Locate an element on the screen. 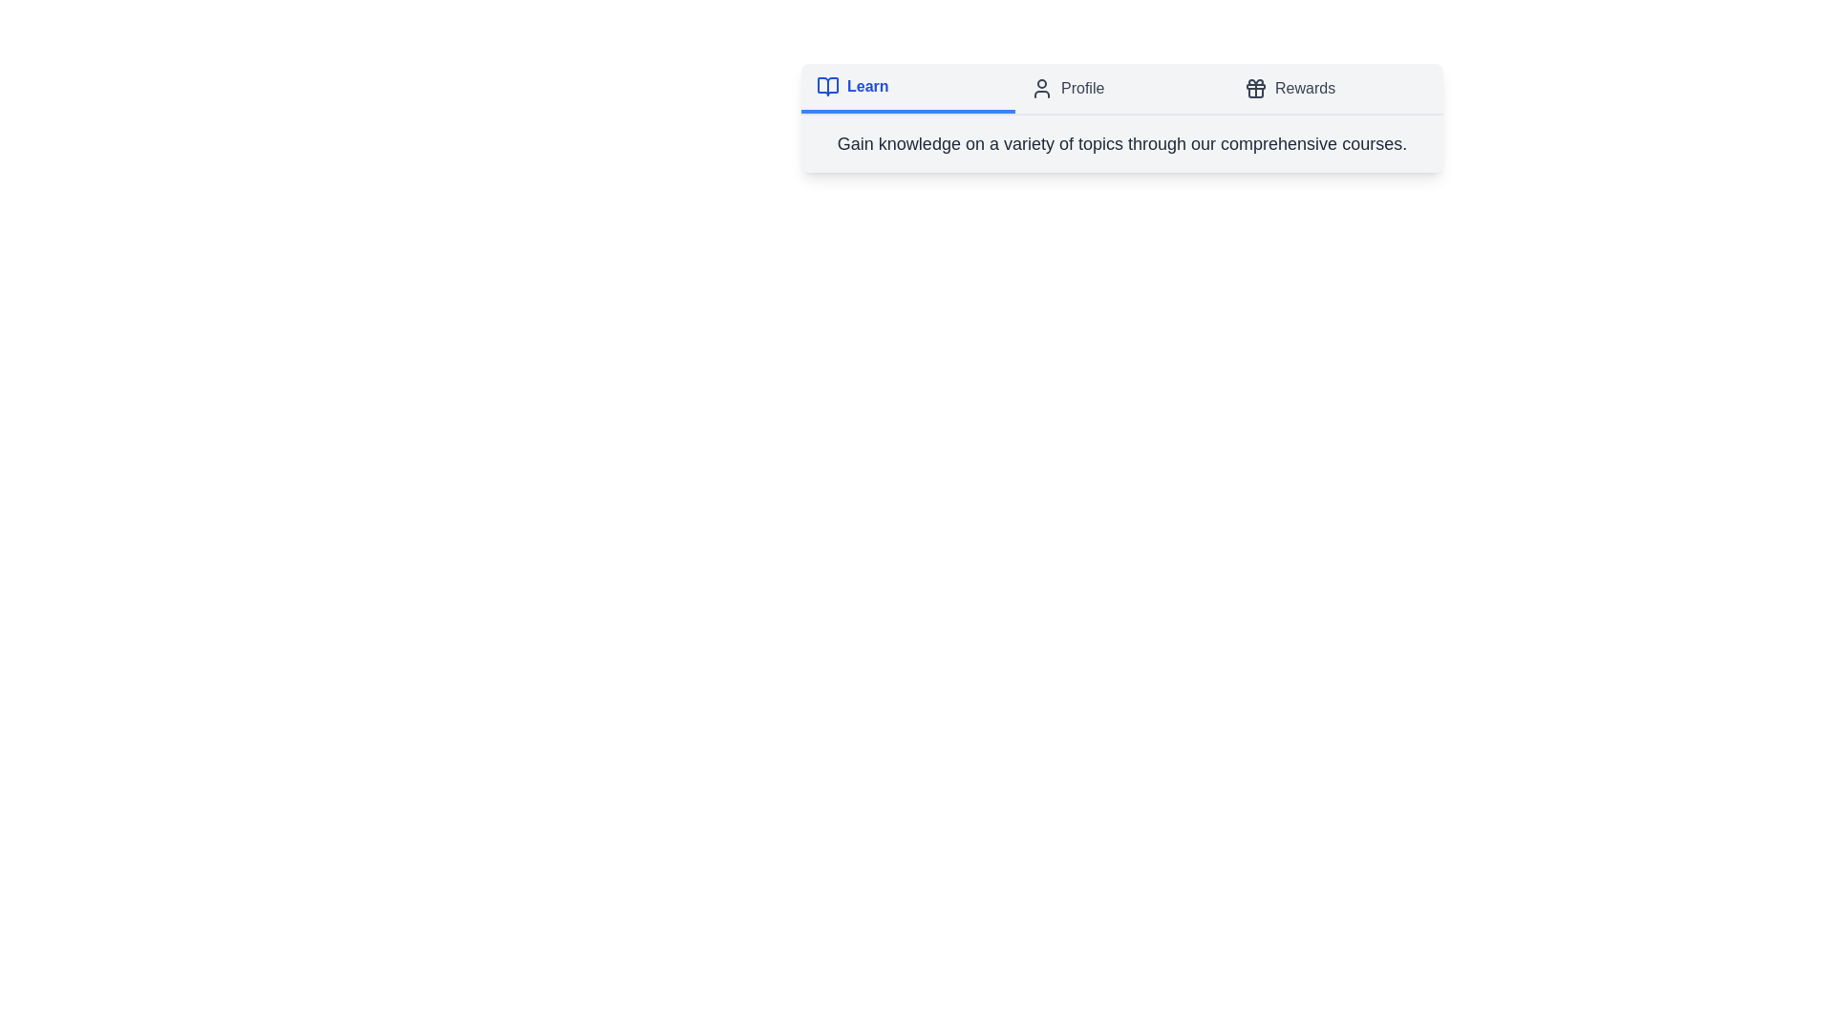 The height and width of the screenshot is (1031, 1834). the tab labeled 'Learn' is located at coordinates (906, 88).